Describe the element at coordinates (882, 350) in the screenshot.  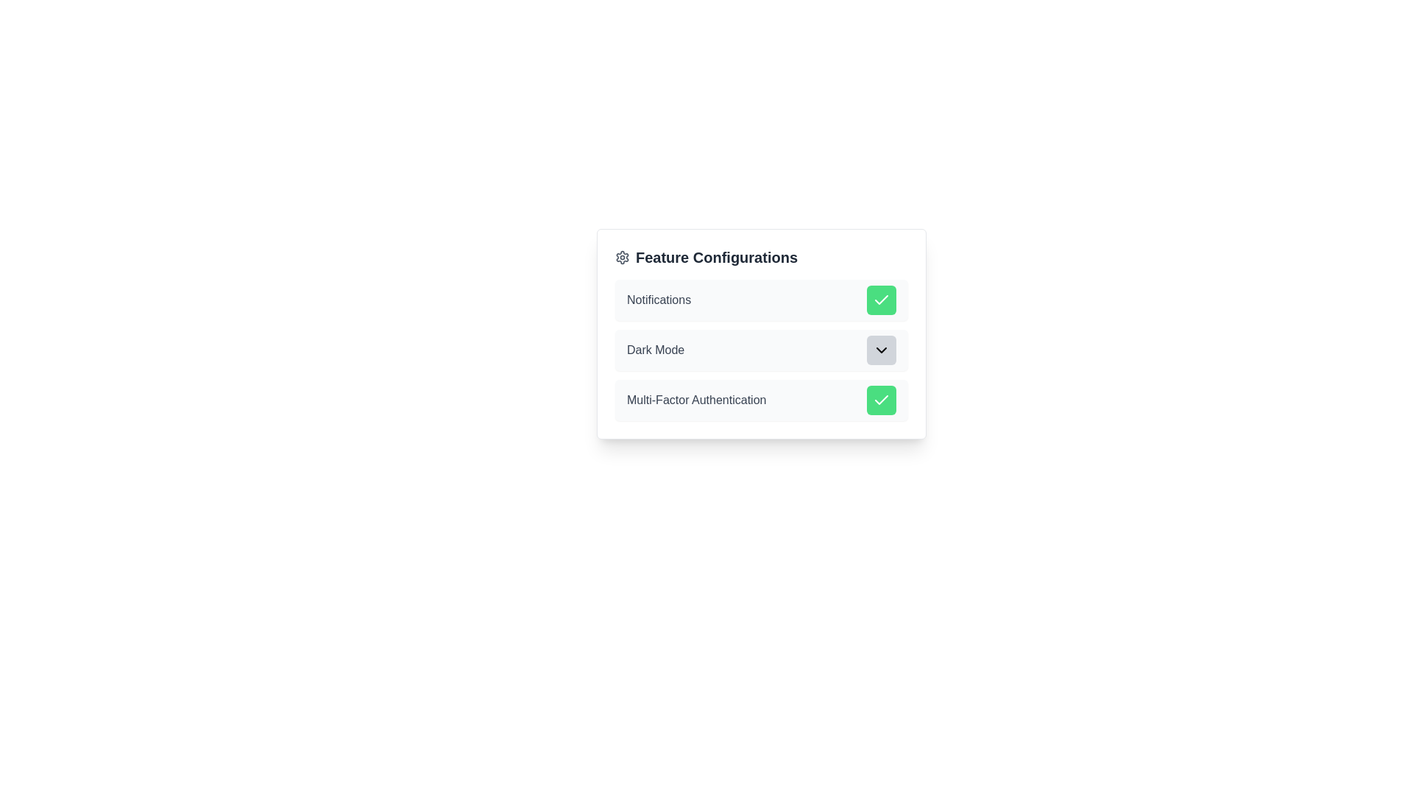
I see `the chevron-down arrow icon located to the right of the 'Dark Mode' label in the 'Feature Configurations' section` at that location.